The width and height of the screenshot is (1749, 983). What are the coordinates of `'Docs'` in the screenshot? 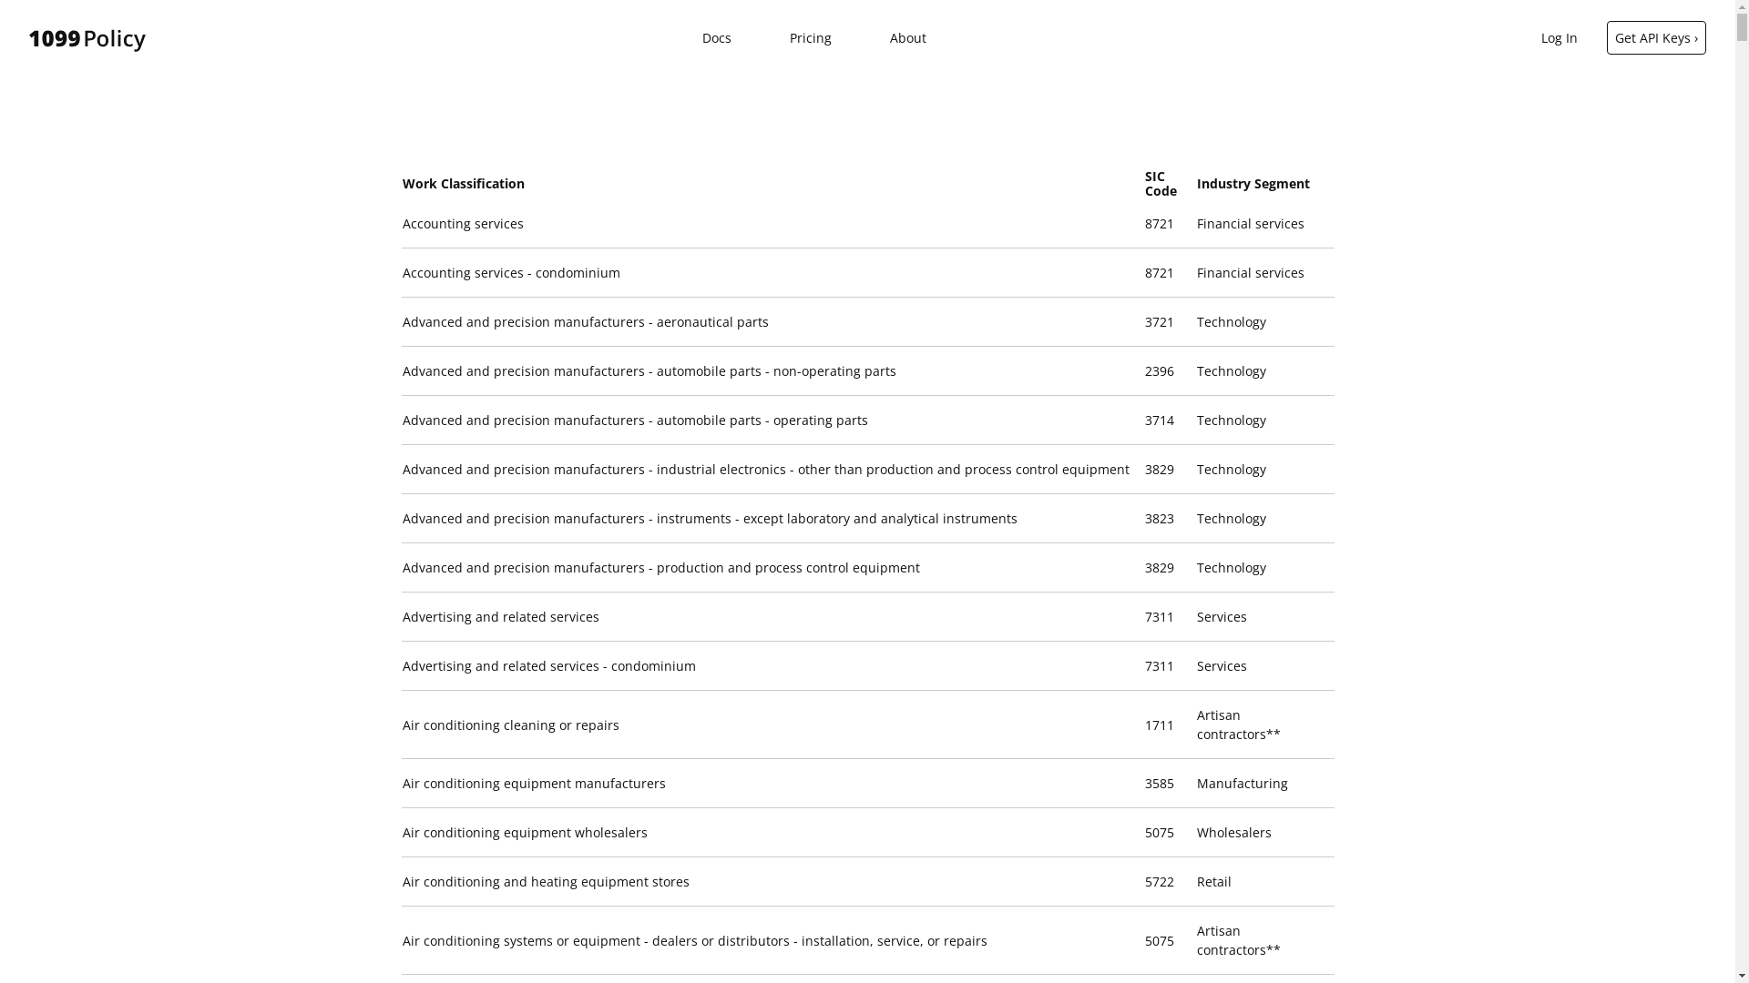 It's located at (716, 37).